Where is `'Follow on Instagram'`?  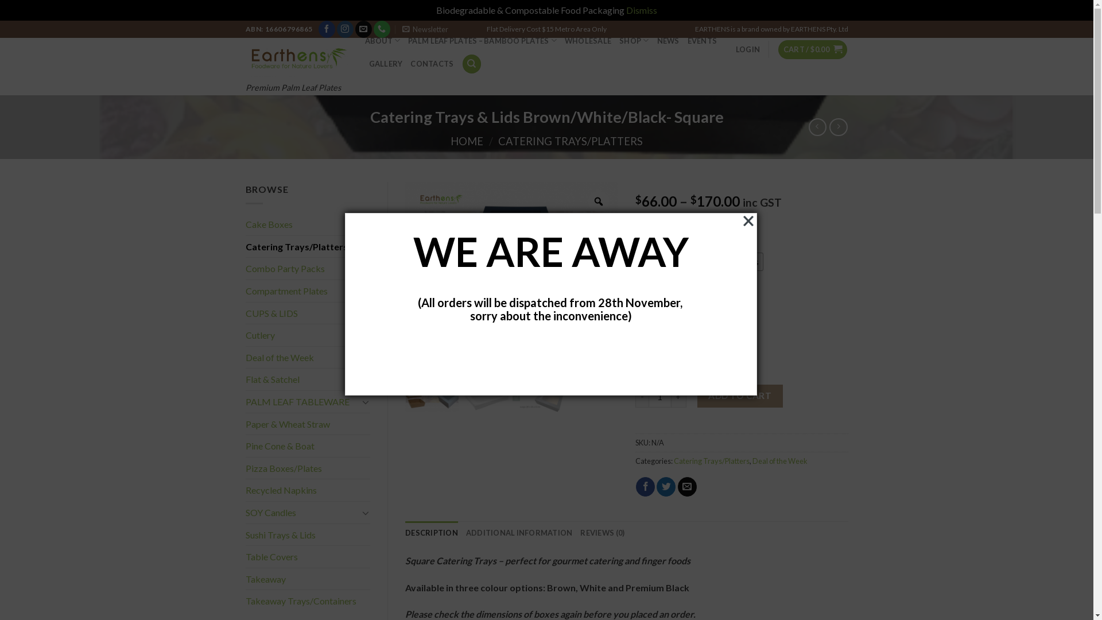
'Follow on Instagram' is located at coordinates (336, 28).